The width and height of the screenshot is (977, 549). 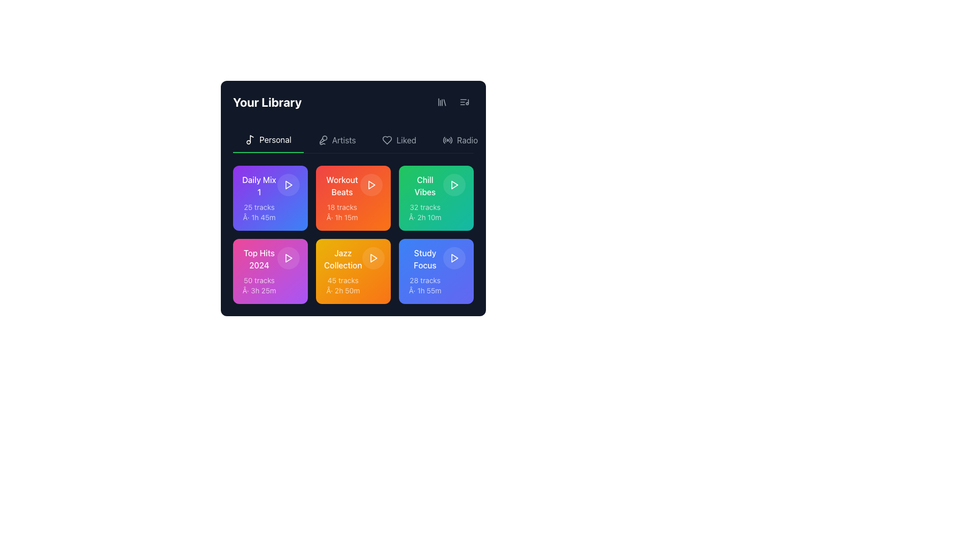 What do you see at coordinates (406, 140) in the screenshot?
I see `the text label 'Liked', which is a light gray text adjacent to a heart-shaped icon in the navigation bar under 'Your Library'` at bounding box center [406, 140].